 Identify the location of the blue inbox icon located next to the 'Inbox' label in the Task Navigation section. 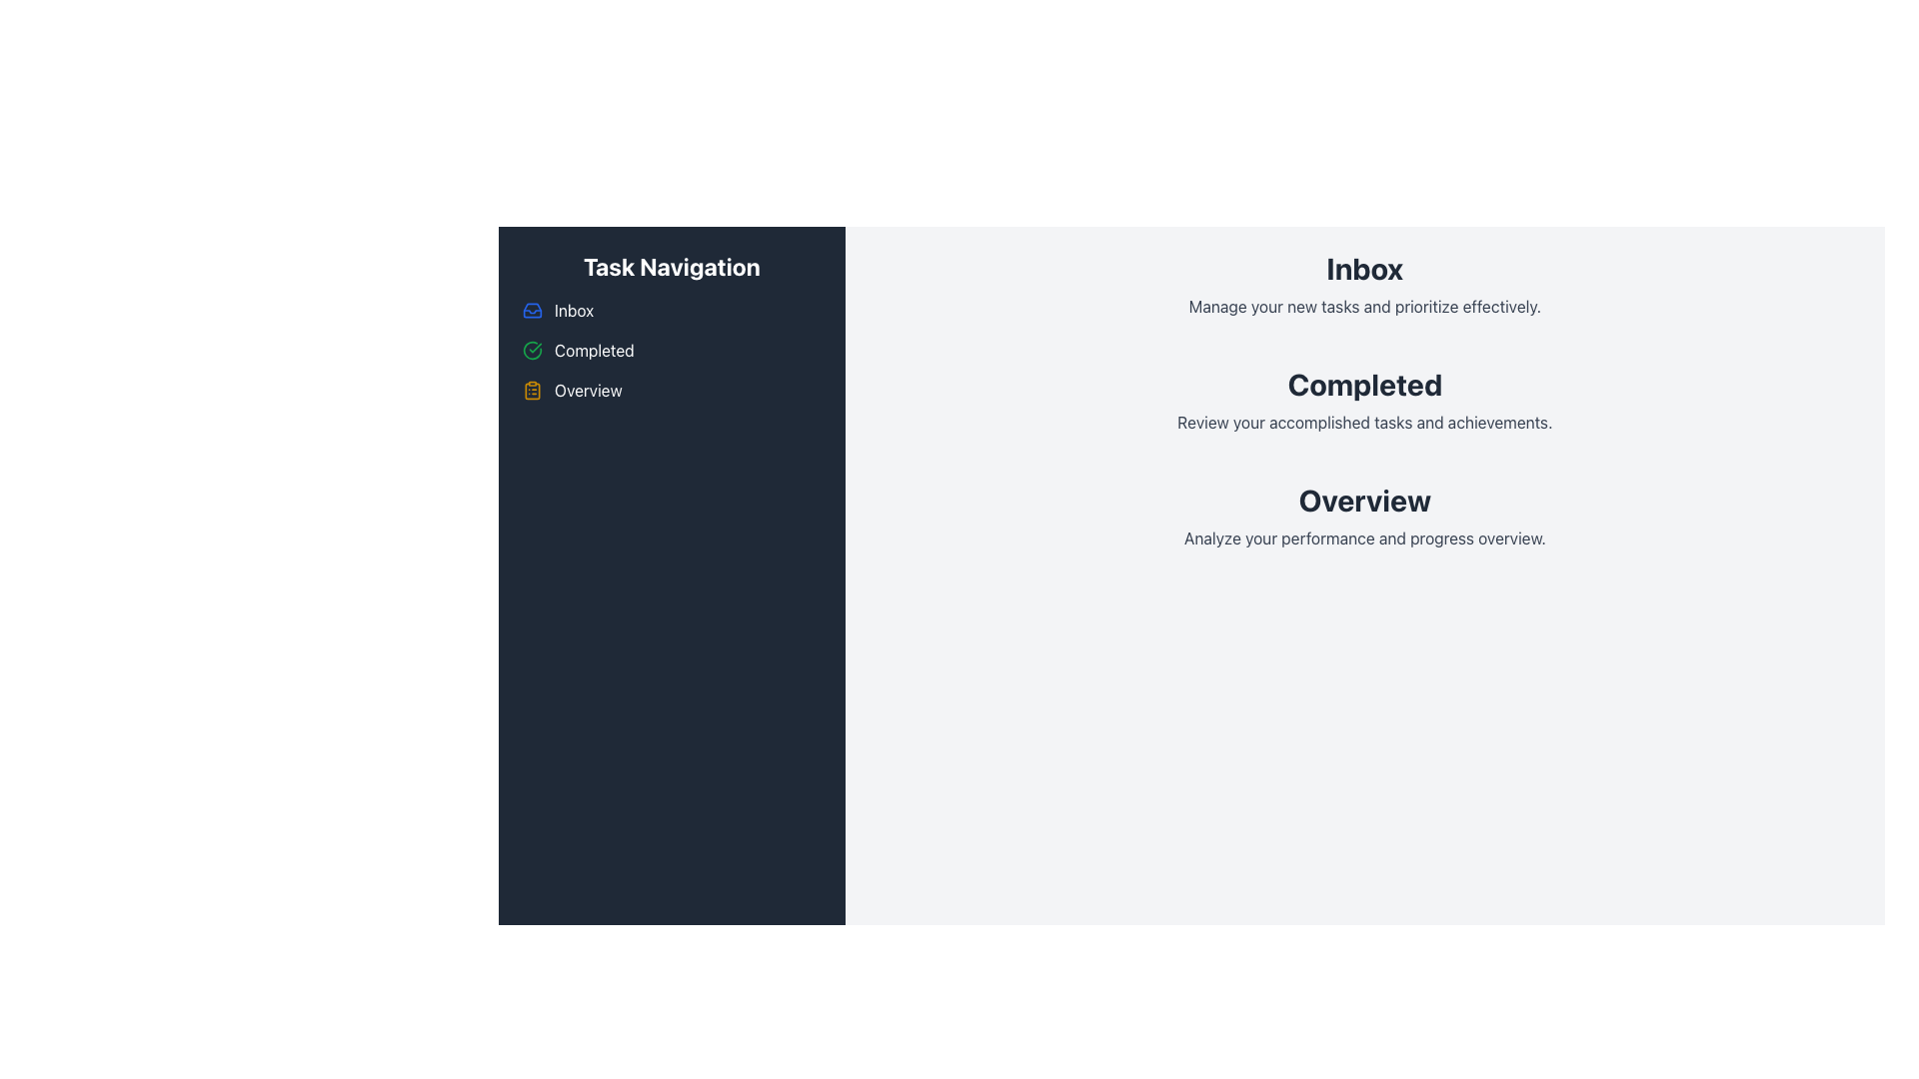
(532, 311).